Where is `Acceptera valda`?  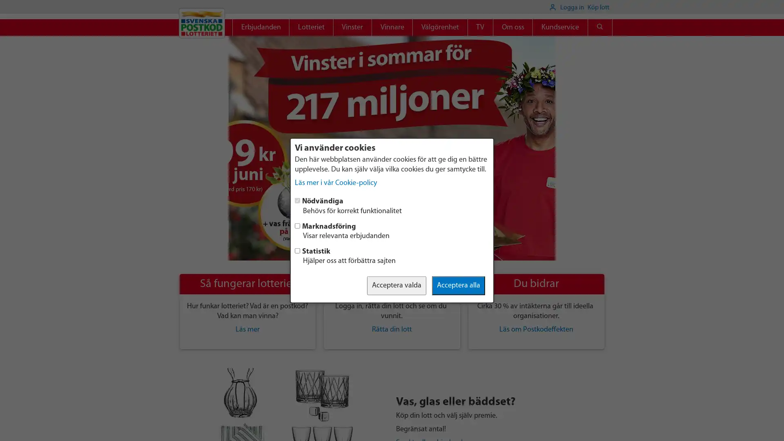
Acceptera valda is located at coordinates (396, 285).